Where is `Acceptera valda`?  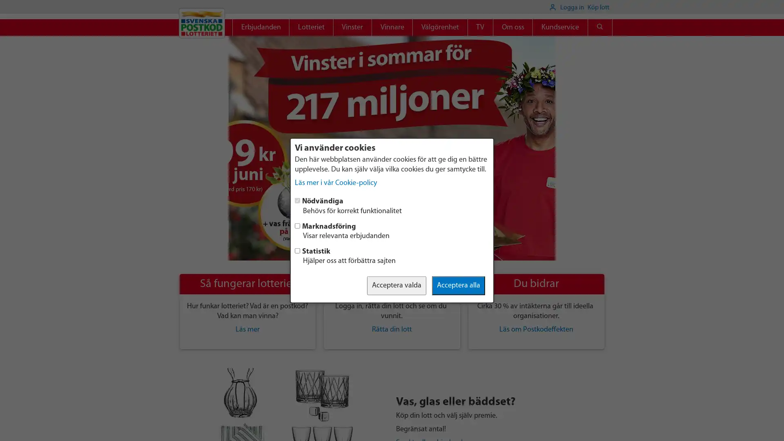
Acceptera valda is located at coordinates (396, 285).